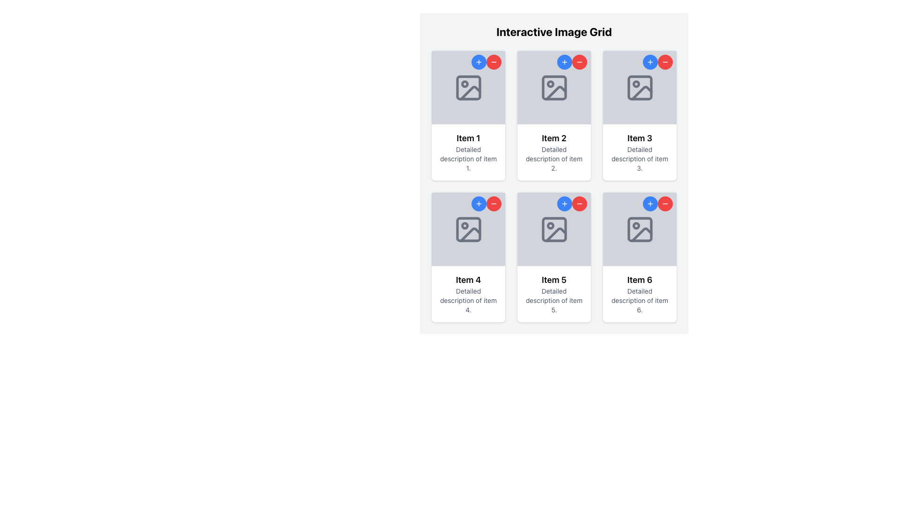  What do you see at coordinates (639, 115) in the screenshot?
I see `the '+' button located on the third card in the top row of the grid layout` at bounding box center [639, 115].